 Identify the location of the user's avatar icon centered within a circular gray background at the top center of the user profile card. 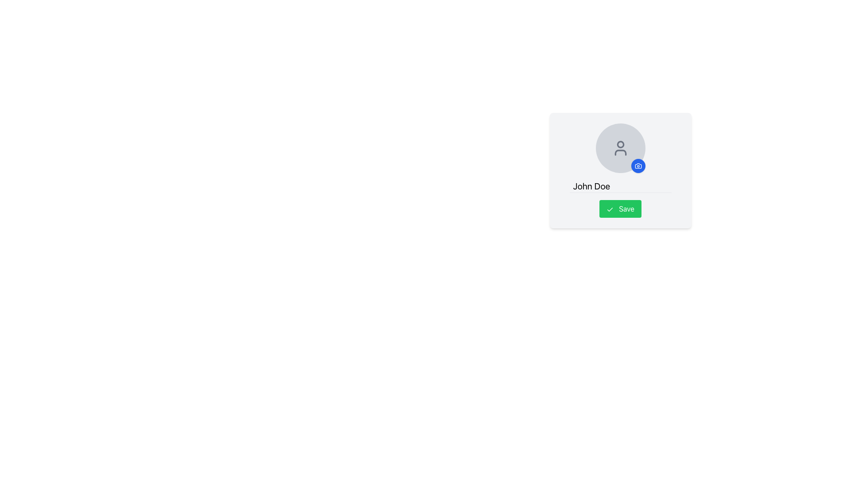
(620, 148).